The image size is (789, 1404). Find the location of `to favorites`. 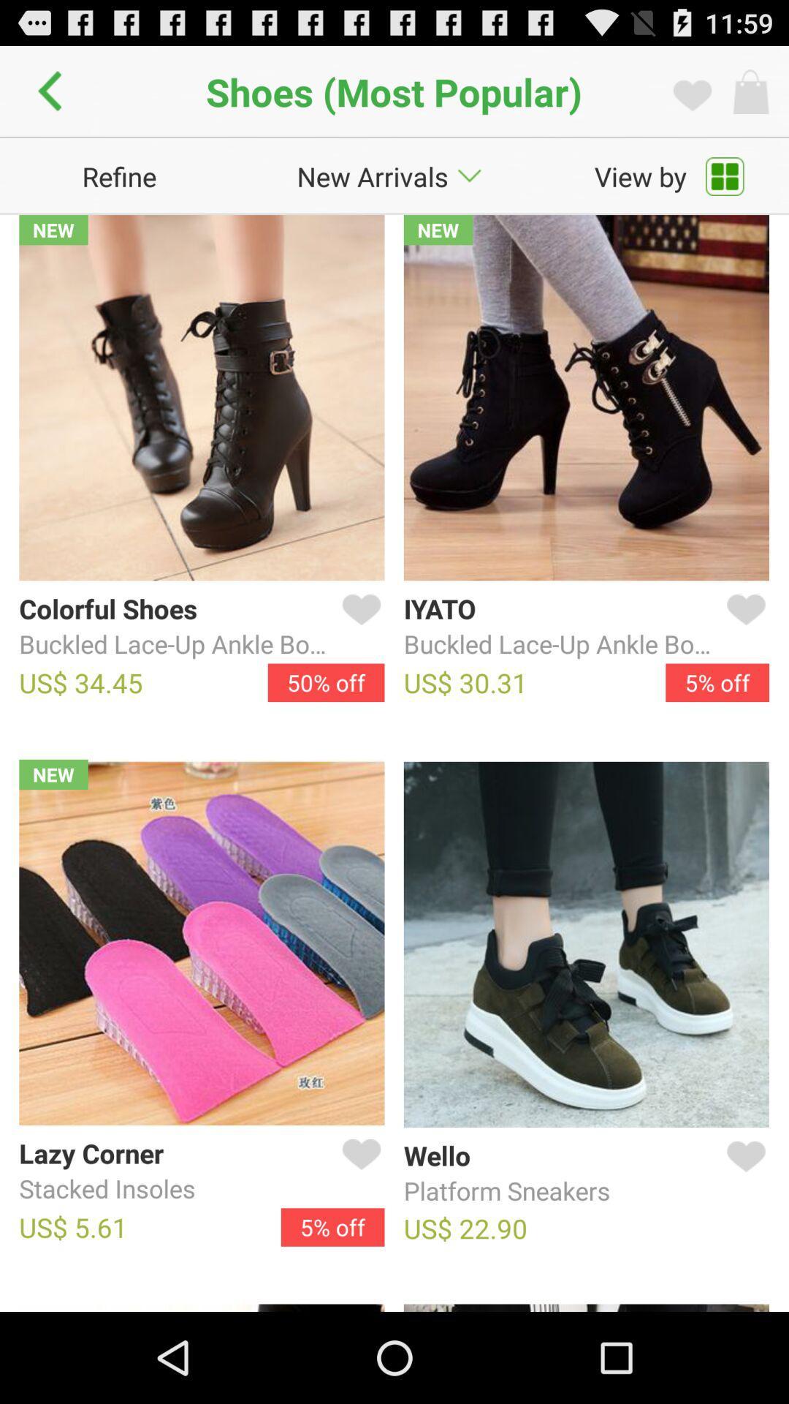

to favorites is located at coordinates (358, 1171).